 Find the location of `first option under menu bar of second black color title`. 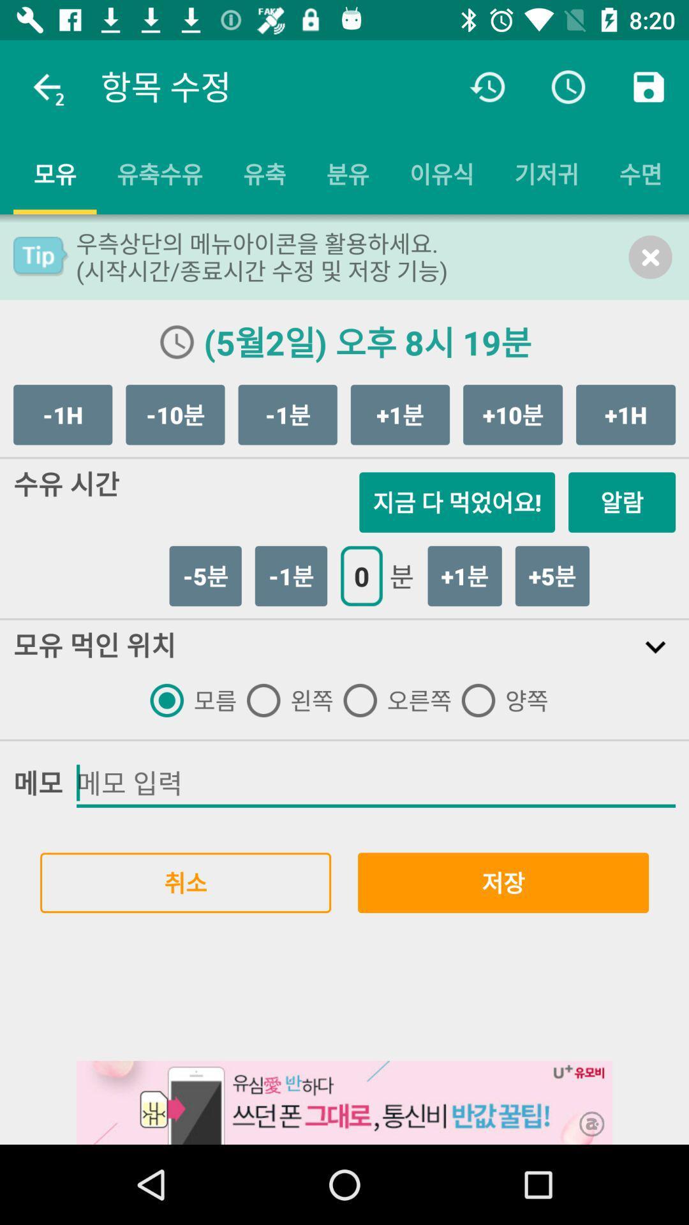

first option under menu bar of second black color title is located at coordinates (188, 700).